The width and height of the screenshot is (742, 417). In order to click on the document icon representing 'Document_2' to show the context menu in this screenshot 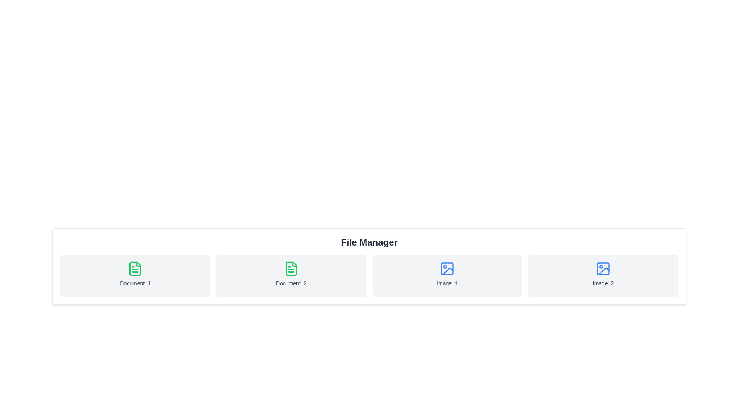, I will do `click(291, 268)`.